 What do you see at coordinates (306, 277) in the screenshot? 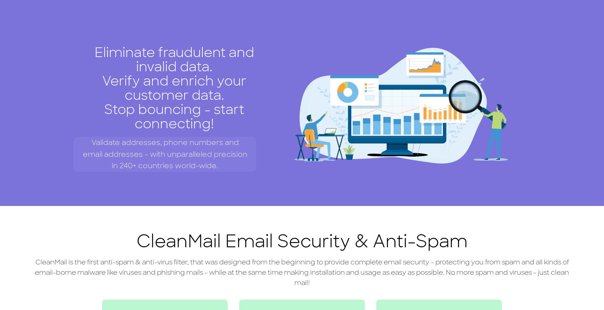
I see `'TLS: changed the way certificate chains are loaded'` at bounding box center [306, 277].